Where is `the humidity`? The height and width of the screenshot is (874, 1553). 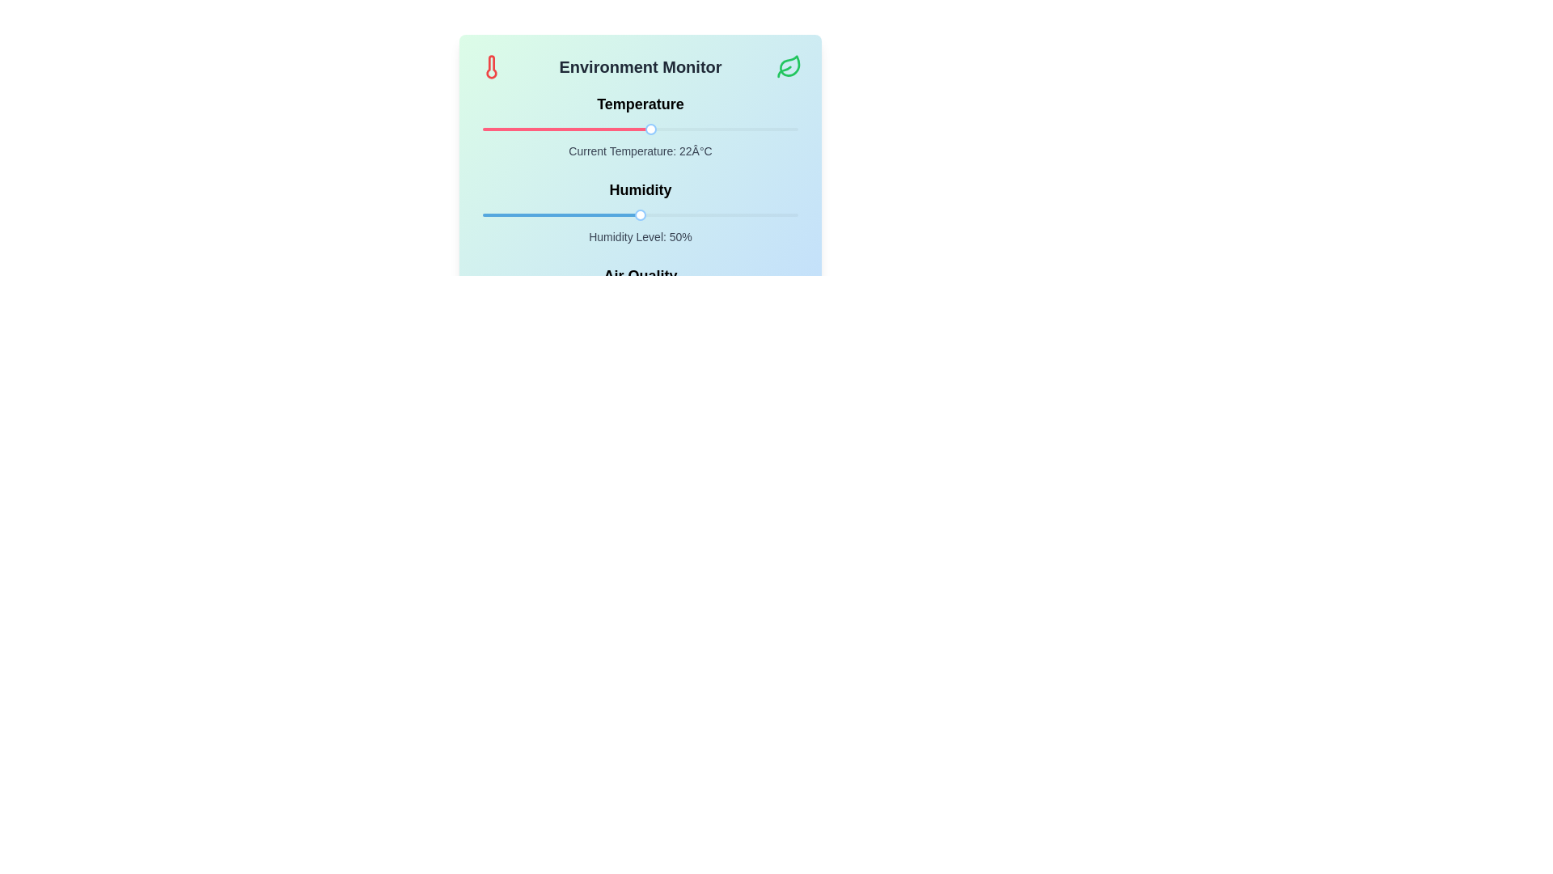 the humidity is located at coordinates (546, 214).